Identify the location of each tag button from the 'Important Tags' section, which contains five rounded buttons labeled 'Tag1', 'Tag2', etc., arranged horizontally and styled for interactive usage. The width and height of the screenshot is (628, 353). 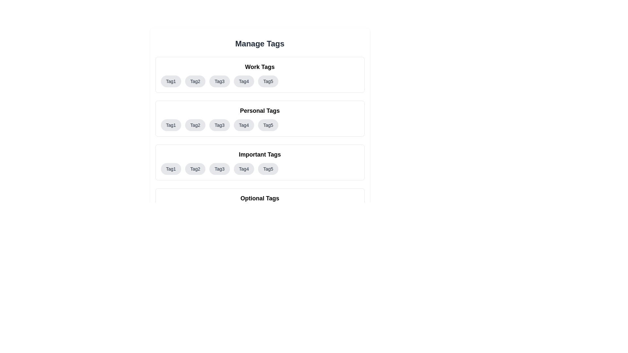
(259, 168).